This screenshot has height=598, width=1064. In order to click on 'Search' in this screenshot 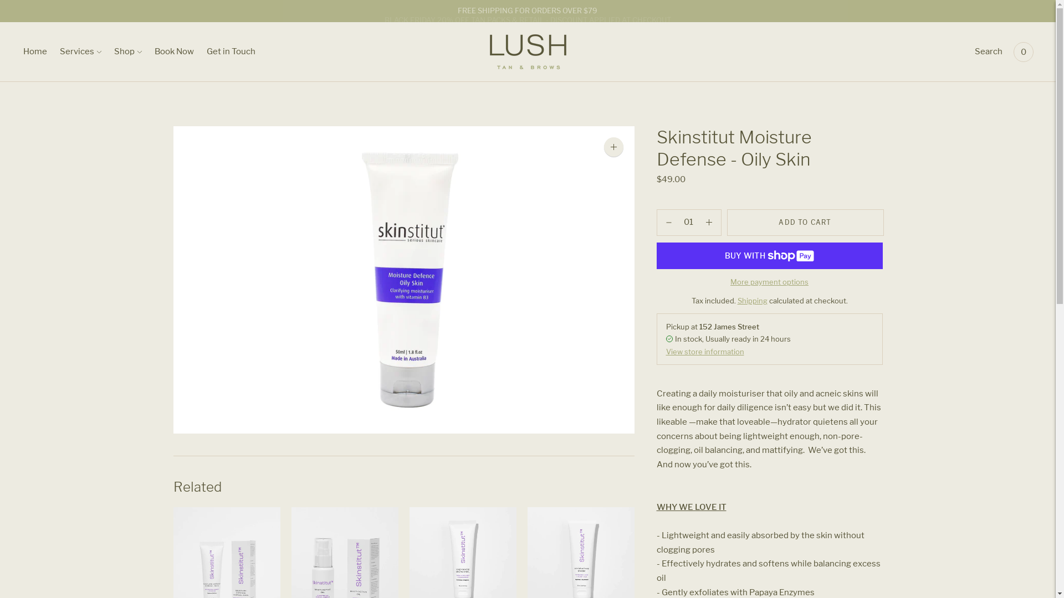, I will do `click(989, 51)`.